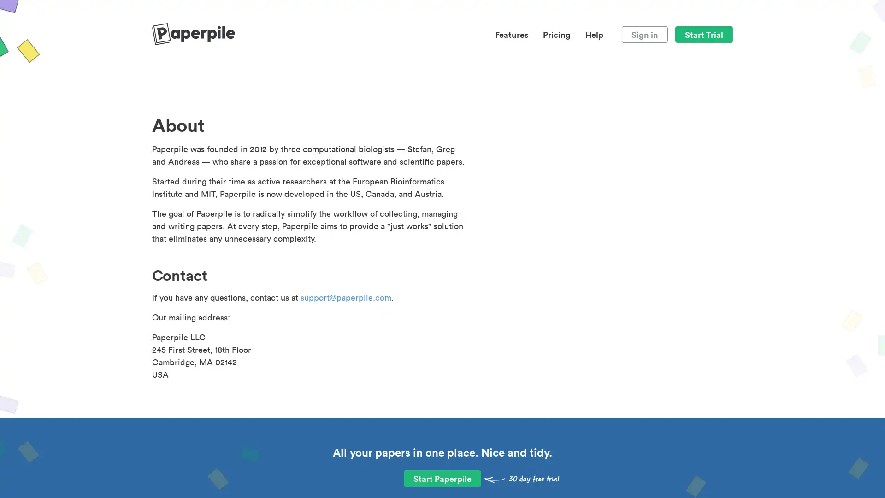 Image resolution: width=885 pixels, height=498 pixels. What do you see at coordinates (703, 34) in the screenshot?
I see `Start Trial` at bounding box center [703, 34].